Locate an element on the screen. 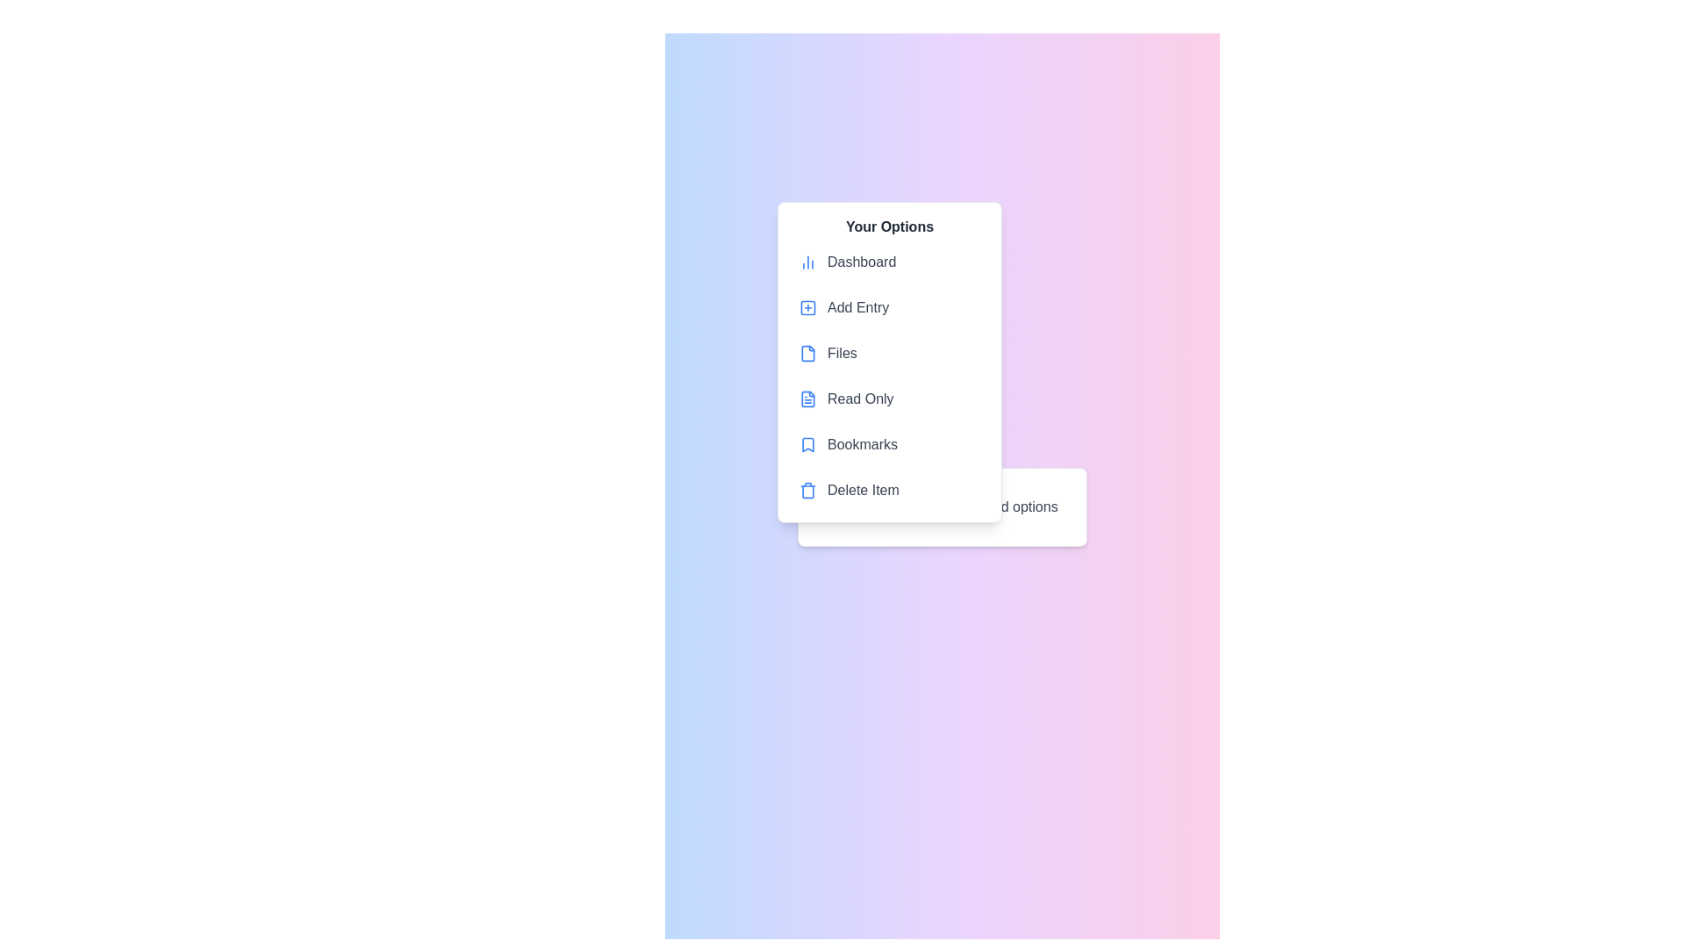 Image resolution: width=1685 pixels, height=948 pixels. the menu item Add Entry to highlight it is located at coordinates (889, 307).